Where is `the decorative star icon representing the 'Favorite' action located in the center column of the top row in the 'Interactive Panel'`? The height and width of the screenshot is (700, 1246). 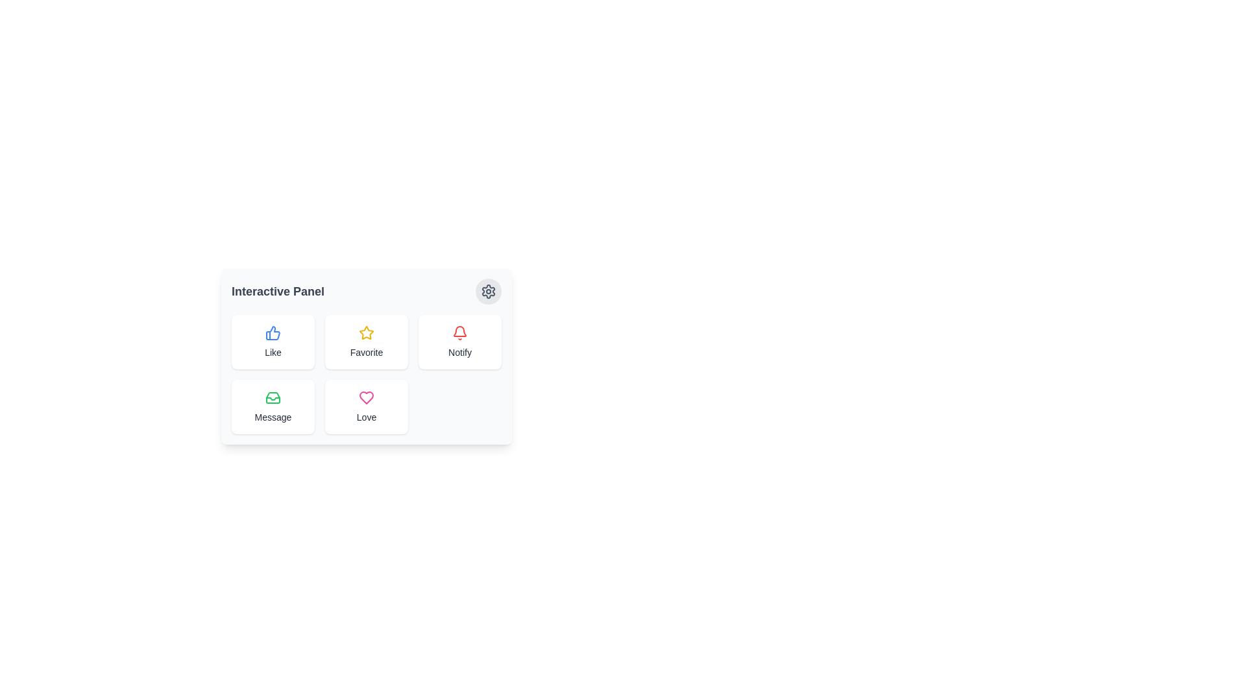 the decorative star icon representing the 'Favorite' action located in the center column of the top row in the 'Interactive Panel' is located at coordinates (366, 332).